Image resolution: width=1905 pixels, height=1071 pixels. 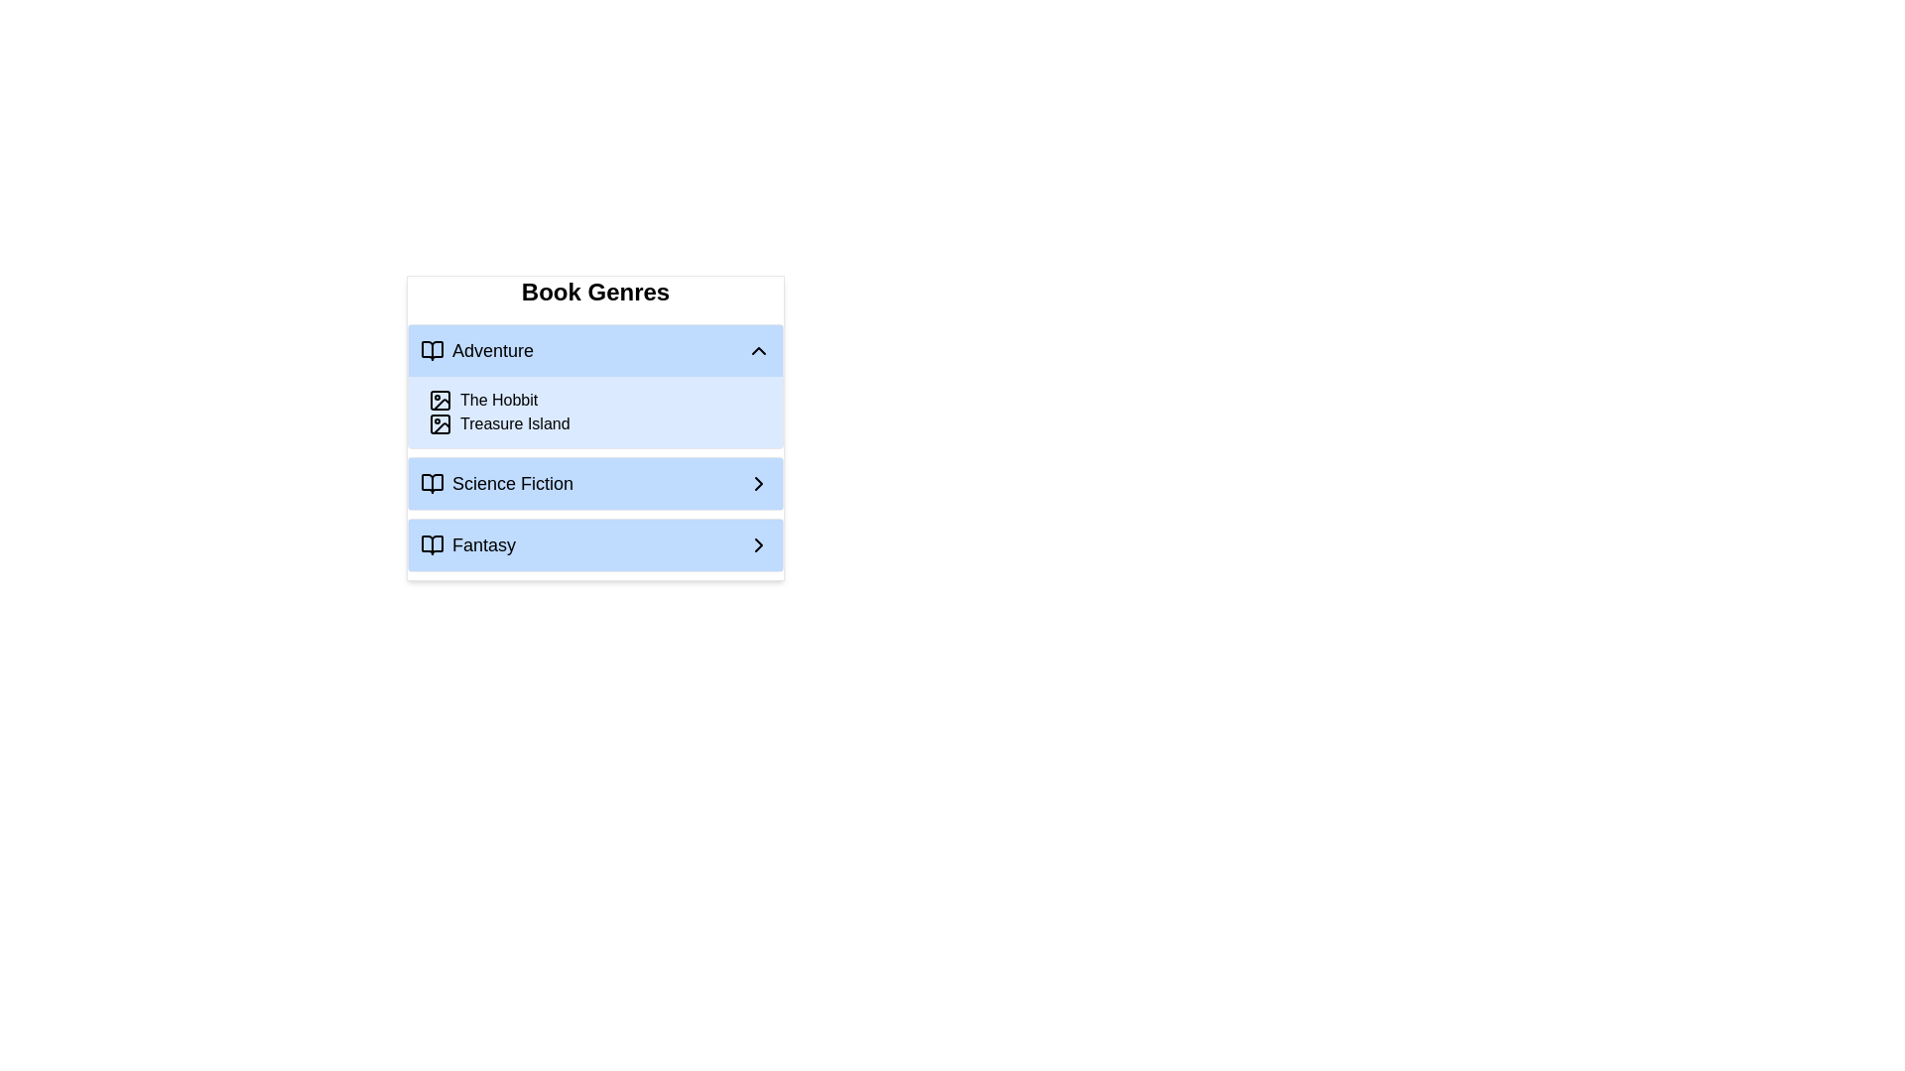 I want to click on the last item, so click(x=594, y=545).